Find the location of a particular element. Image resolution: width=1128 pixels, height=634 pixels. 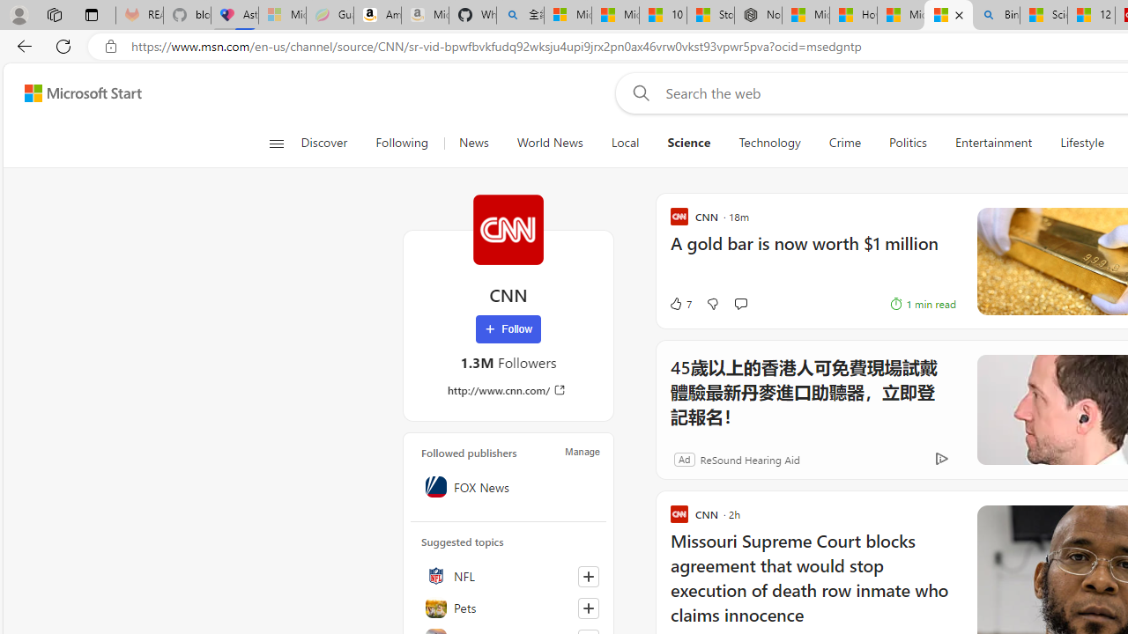

'12 Popular Science Lies that Must be Corrected' is located at coordinates (1090, 15).